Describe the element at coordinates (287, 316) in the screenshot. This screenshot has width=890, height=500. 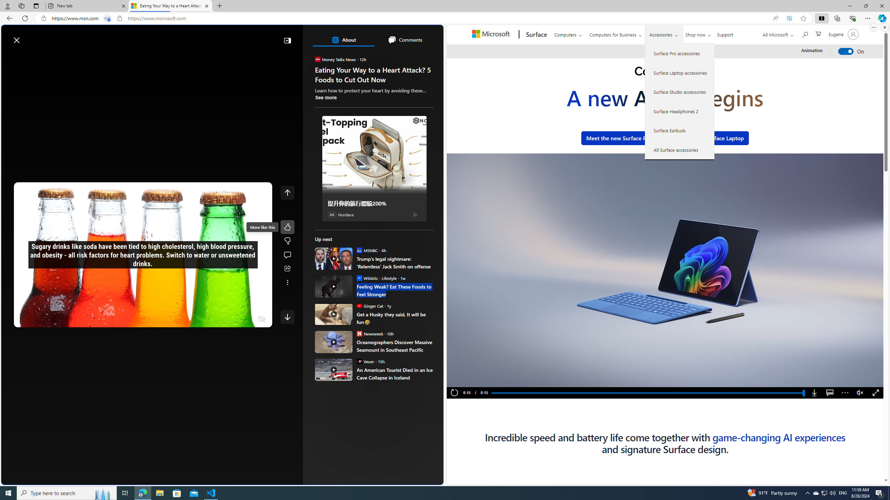
I see `'Class: control'` at that location.